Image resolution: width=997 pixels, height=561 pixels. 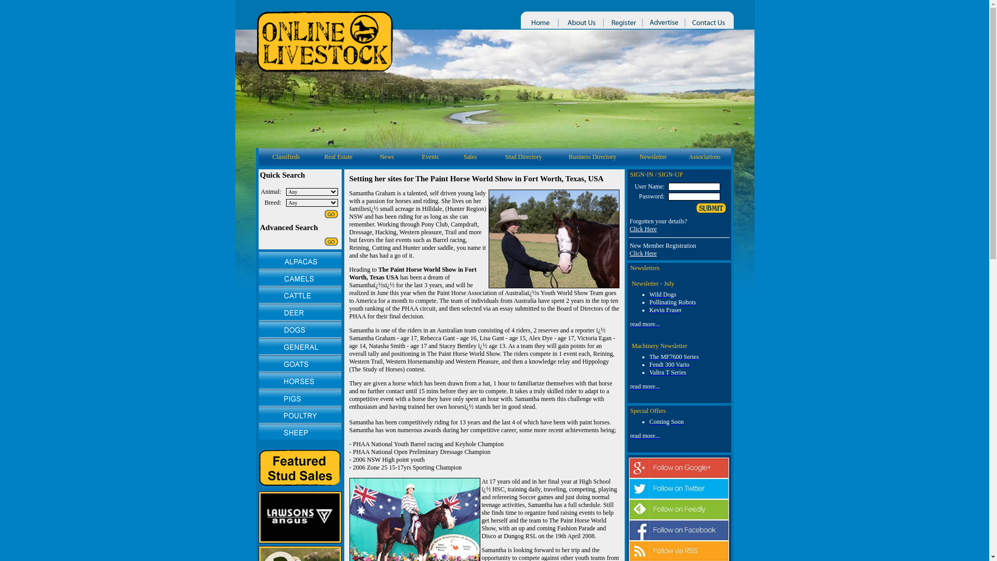 I want to click on 'read more...', so click(x=644, y=386).